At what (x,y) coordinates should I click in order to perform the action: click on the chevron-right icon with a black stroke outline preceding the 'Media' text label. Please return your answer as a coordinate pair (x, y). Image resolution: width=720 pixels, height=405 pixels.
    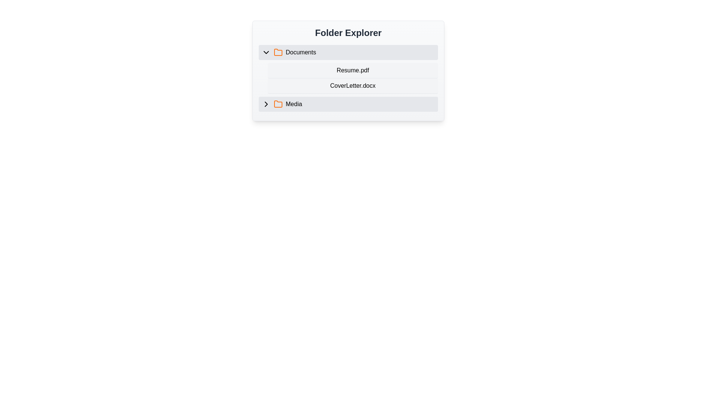
    Looking at the image, I should click on (266, 104).